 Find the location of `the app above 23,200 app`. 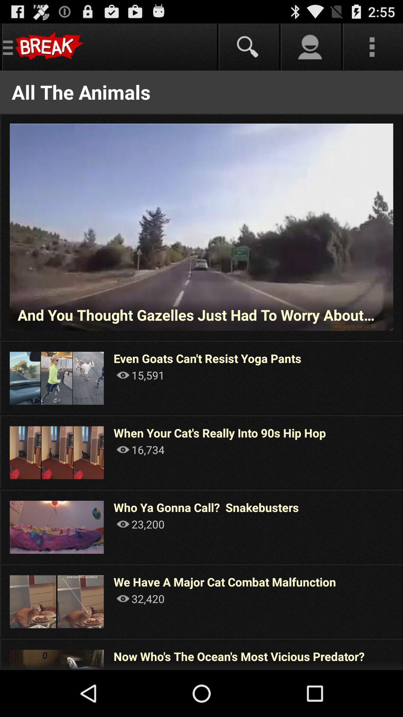

the app above 23,200 app is located at coordinates (206, 507).